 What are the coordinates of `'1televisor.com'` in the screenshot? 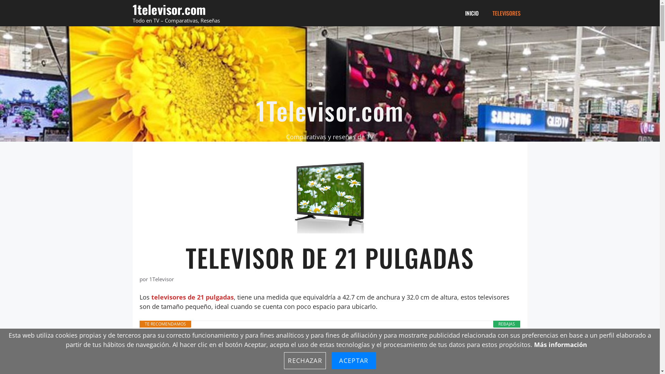 It's located at (169, 9).